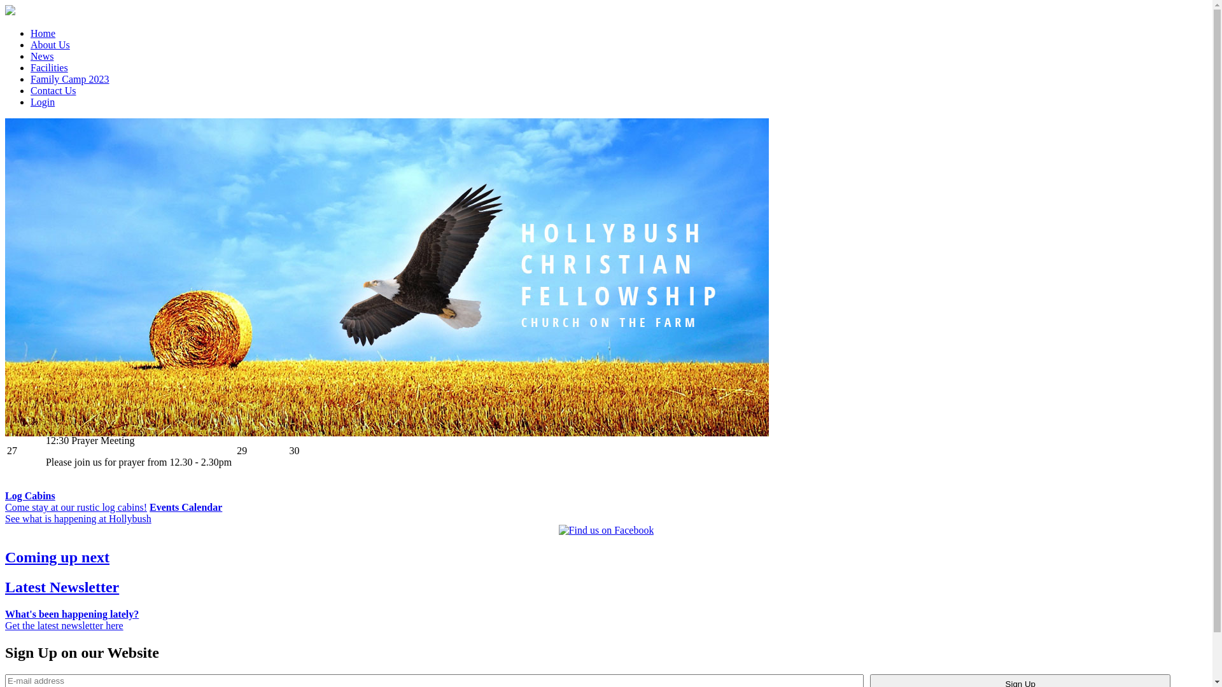 This screenshot has width=1222, height=687. Describe the element at coordinates (52, 90) in the screenshot. I see `'Contact Us'` at that location.